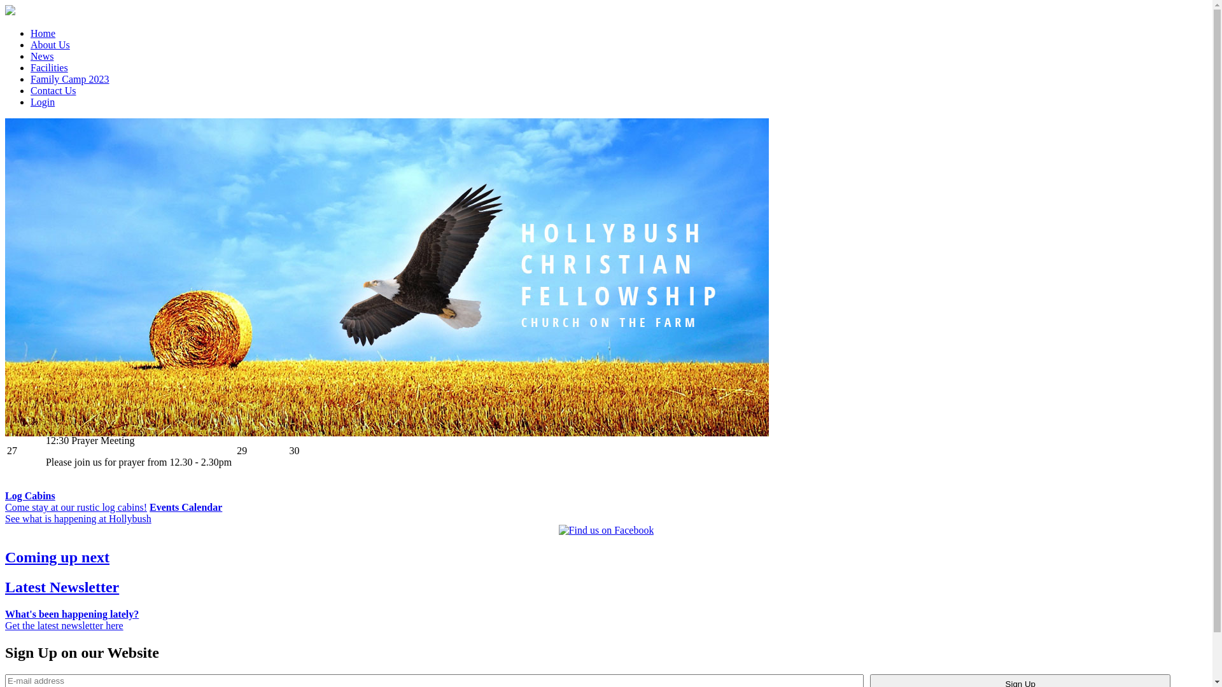 This screenshot has width=1222, height=687. Describe the element at coordinates (52, 90) in the screenshot. I see `'Contact Us'` at that location.